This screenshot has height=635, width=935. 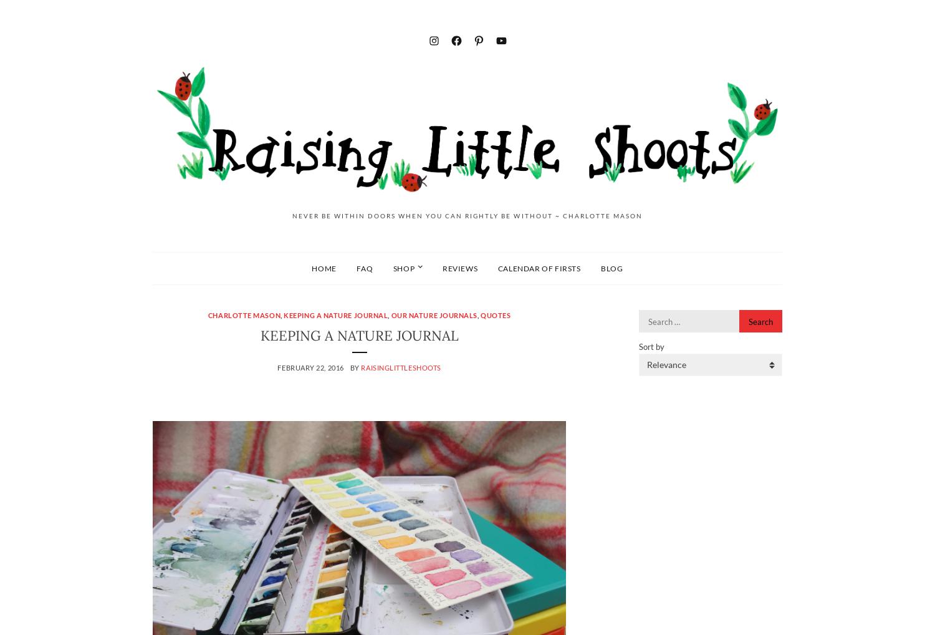 What do you see at coordinates (466, 215) in the screenshot?
I see `'Never be within doors when you can rightly be without ~ Charlotte Mason'` at bounding box center [466, 215].